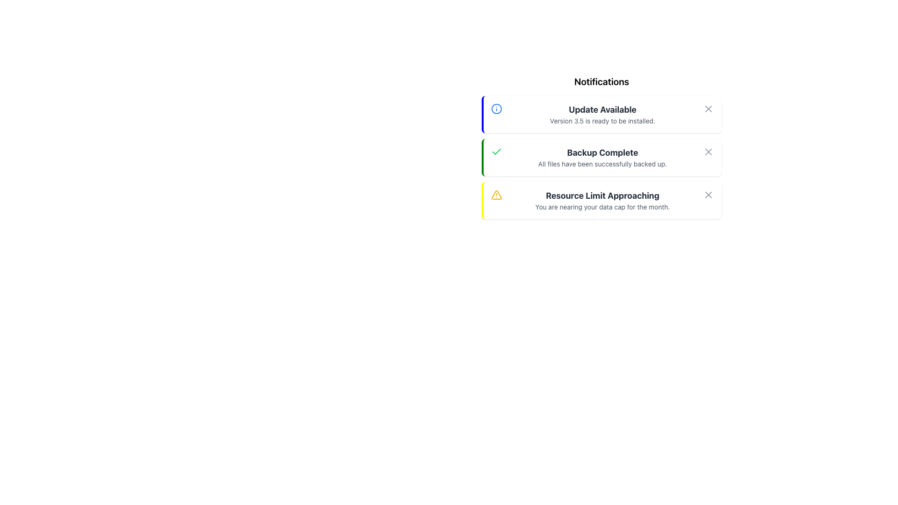  I want to click on the static text displaying 'Version 3.5 is ready to be installed.' which is located below the title 'Update Available' in a notification card, so click(602, 120).